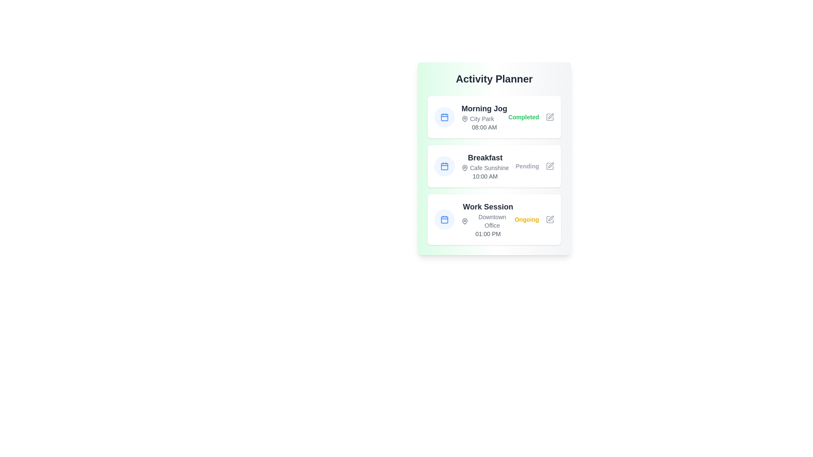 The width and height of the screenshot is (813, 457). Describe the element at coordinates (551, 218) in the screenshot. I see `the pen icon located to the bottom-right of the 'Work Session' item` at that location.